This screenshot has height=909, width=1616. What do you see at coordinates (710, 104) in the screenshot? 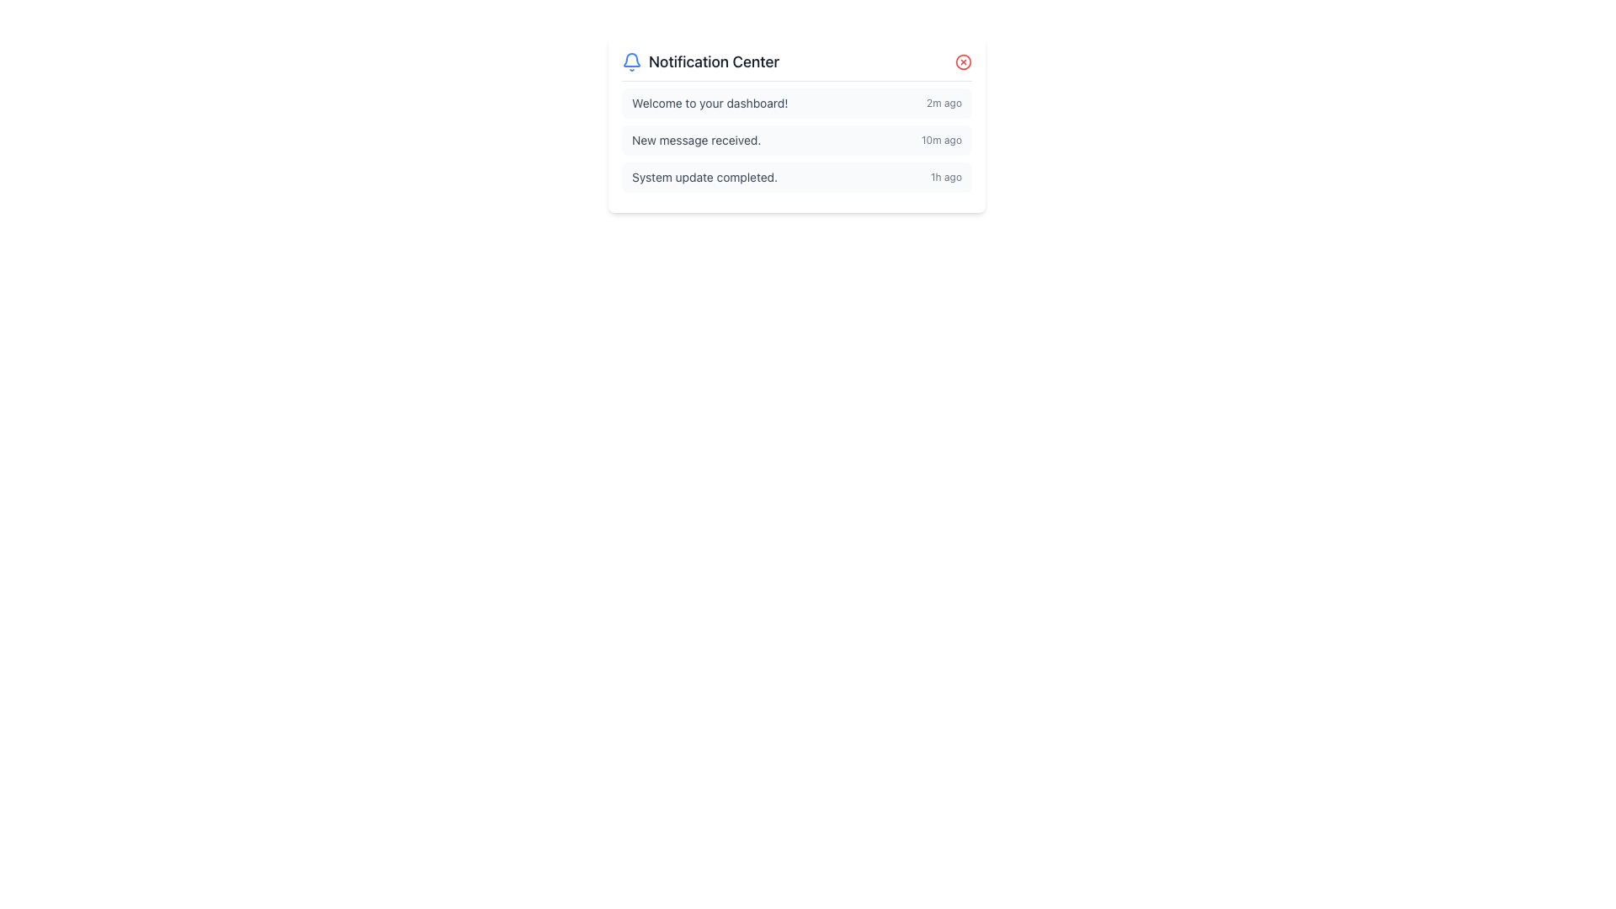
I see `the static text that reads 'Welcome to your dashboard!' located in the header of the first notification block, positioned to the left of the timestamp '2m ago'` at bounding box center [710, 104].